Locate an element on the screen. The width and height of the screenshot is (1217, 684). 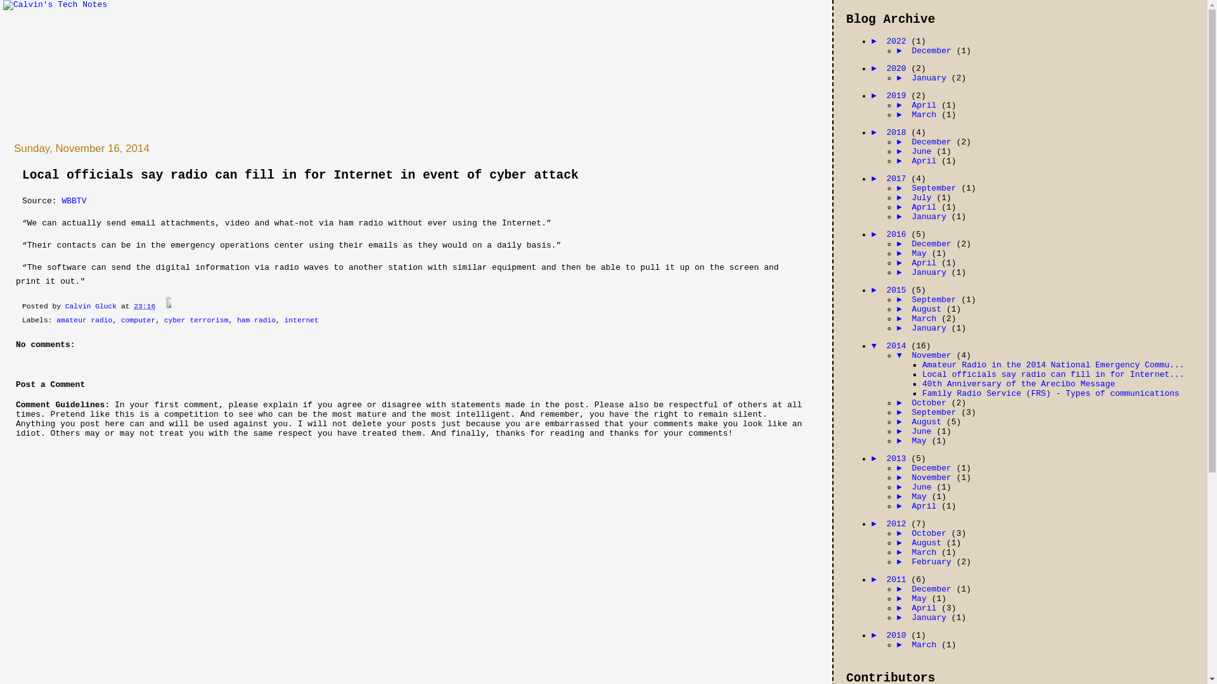
'2015' is located at coordinates (898, 290).